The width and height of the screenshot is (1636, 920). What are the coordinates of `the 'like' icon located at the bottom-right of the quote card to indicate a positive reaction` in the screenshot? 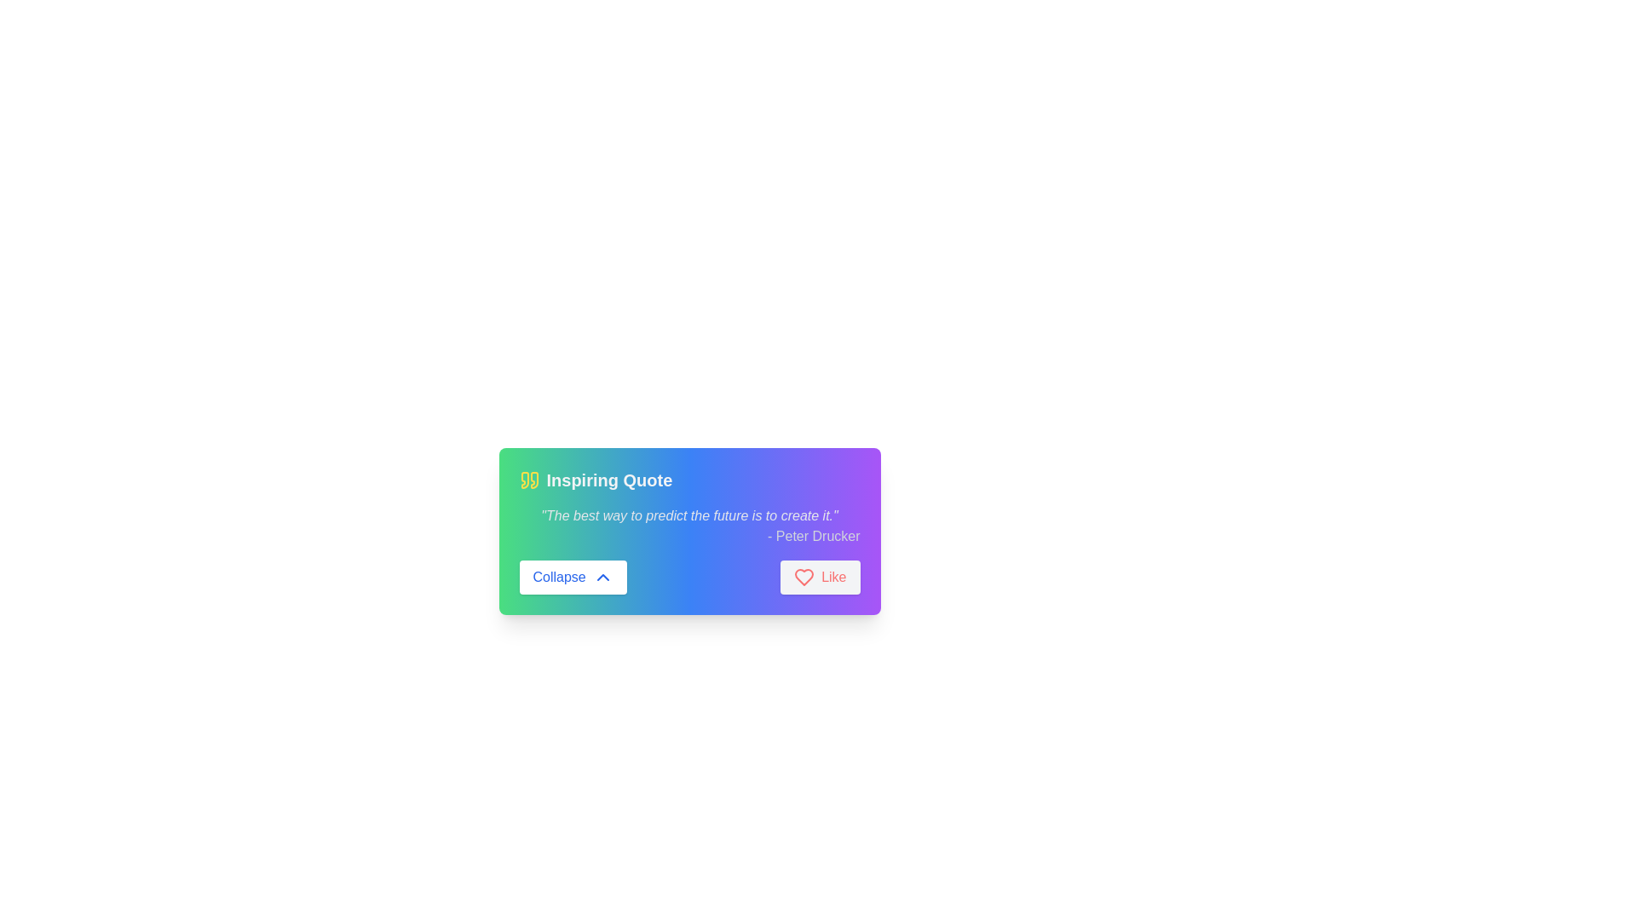 It's located at (804, 577).